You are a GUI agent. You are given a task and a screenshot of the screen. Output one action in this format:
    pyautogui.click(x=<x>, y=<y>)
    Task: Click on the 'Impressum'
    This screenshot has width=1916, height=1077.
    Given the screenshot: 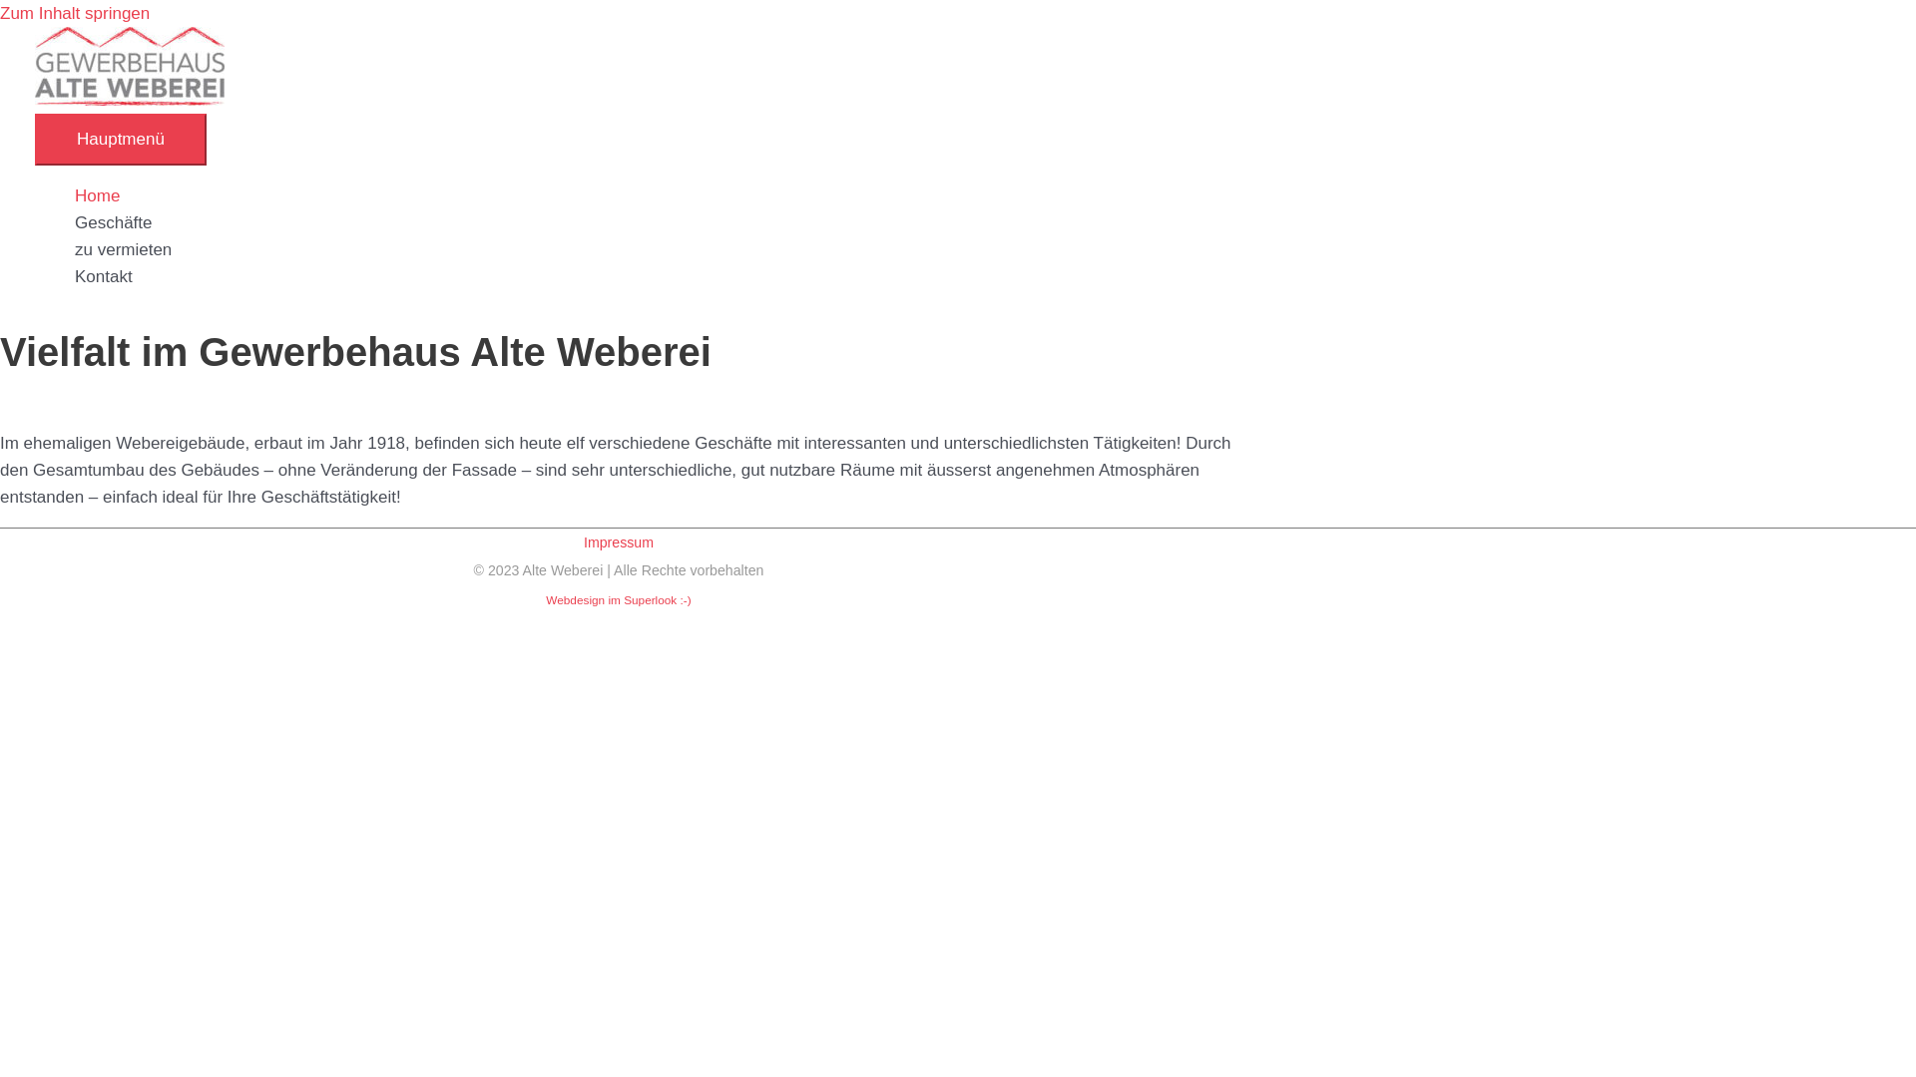 What is the action you would take?
    pyautogui.click(x=617, y=541)
    